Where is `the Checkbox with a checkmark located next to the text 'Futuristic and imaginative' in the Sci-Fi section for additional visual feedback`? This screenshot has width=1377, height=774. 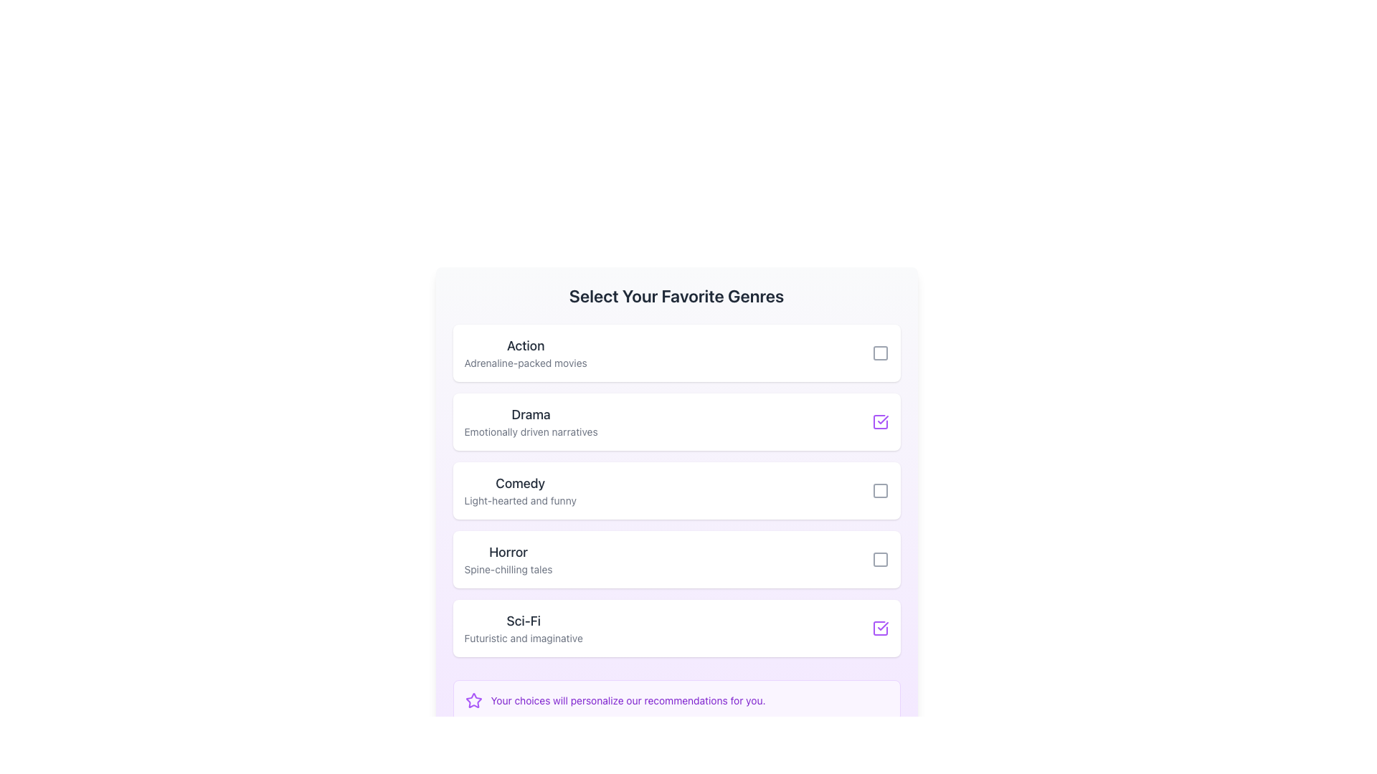 the Checkbox with a checkmark located next to the text 'Futuristic and imaginative' in the Sci-Fi section for additional visual feedback is located at coordinates (879, 627).